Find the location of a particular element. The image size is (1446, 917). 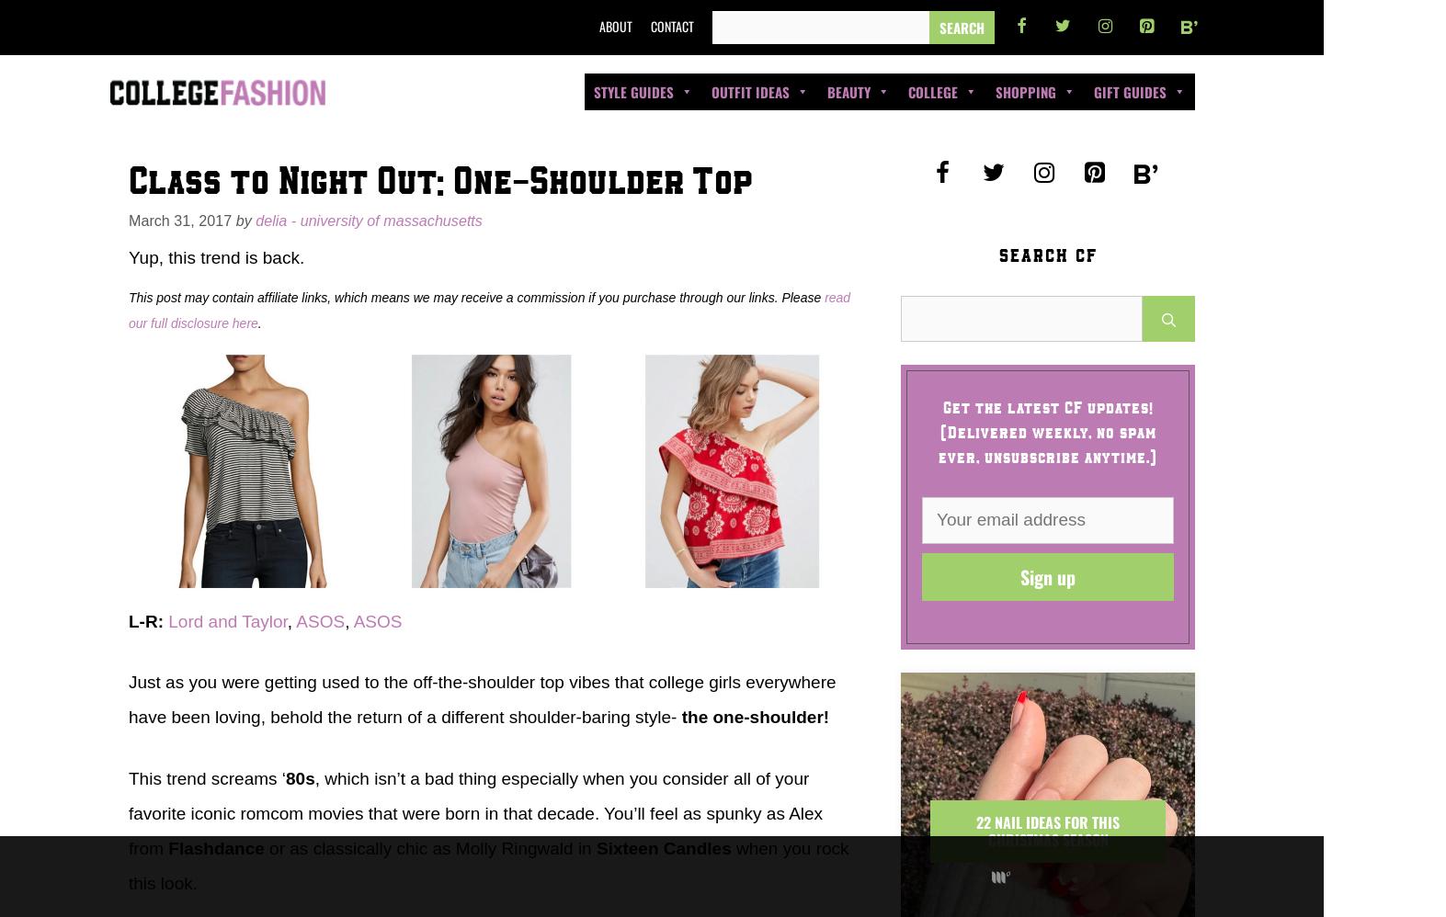

'.' is located at coordinates (259, 322).